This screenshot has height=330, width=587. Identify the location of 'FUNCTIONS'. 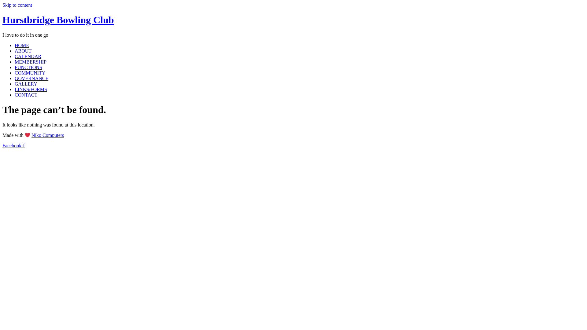
(15, 67).